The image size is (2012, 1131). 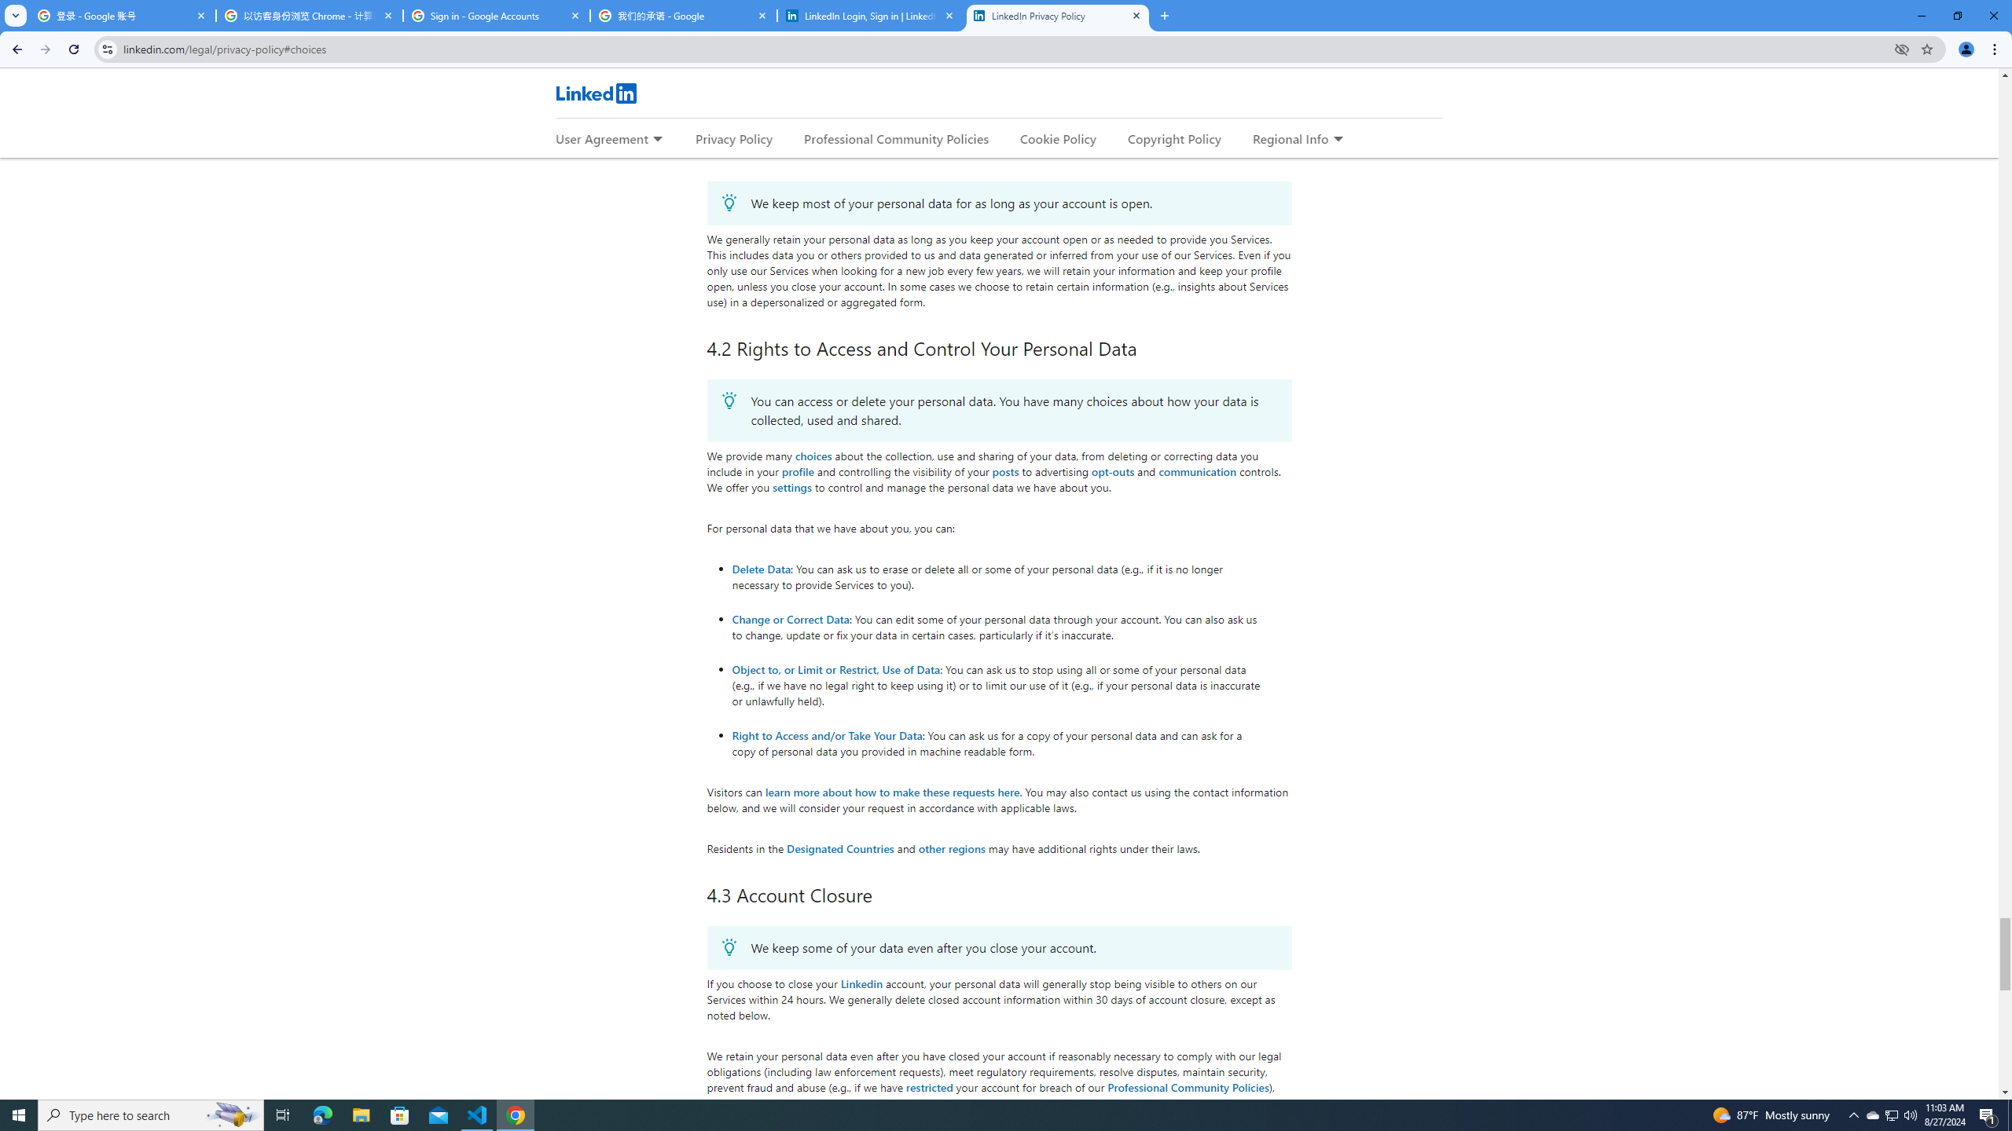 I want to click on 'Copyright Policy', so click(x=1173, y=138).